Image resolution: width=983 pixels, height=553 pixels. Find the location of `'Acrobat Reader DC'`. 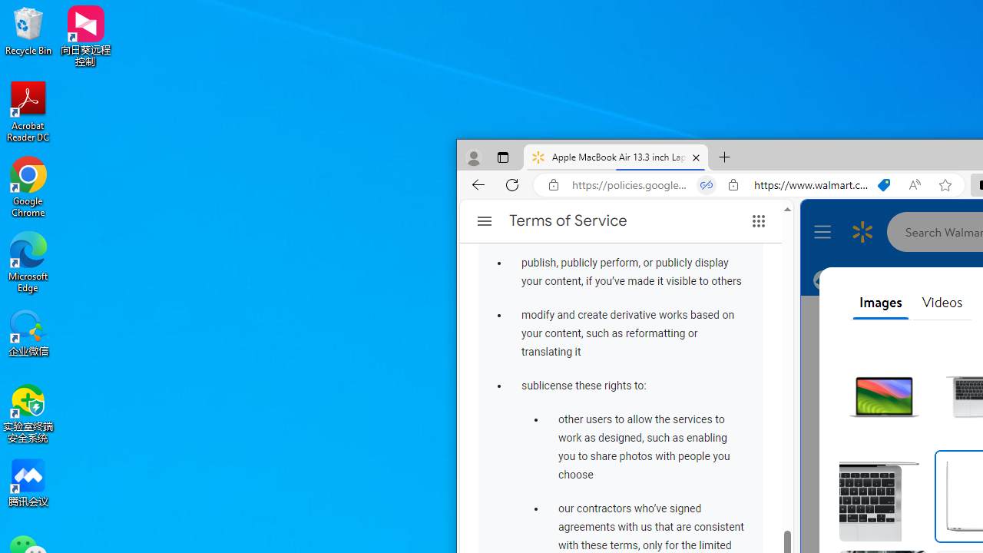

'Acrobat Reader DC' is located at coordinates (28, 111).